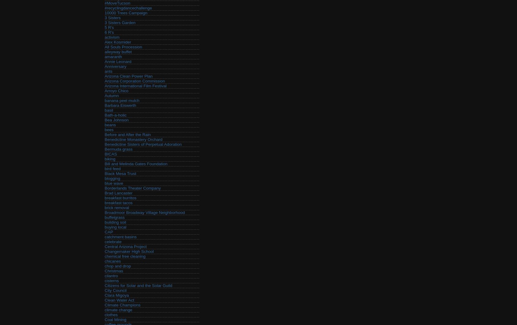 The height and width of the screenshot is (325, 517). I want to click on 'Arizona Corporation Commission', so click(134, 81).